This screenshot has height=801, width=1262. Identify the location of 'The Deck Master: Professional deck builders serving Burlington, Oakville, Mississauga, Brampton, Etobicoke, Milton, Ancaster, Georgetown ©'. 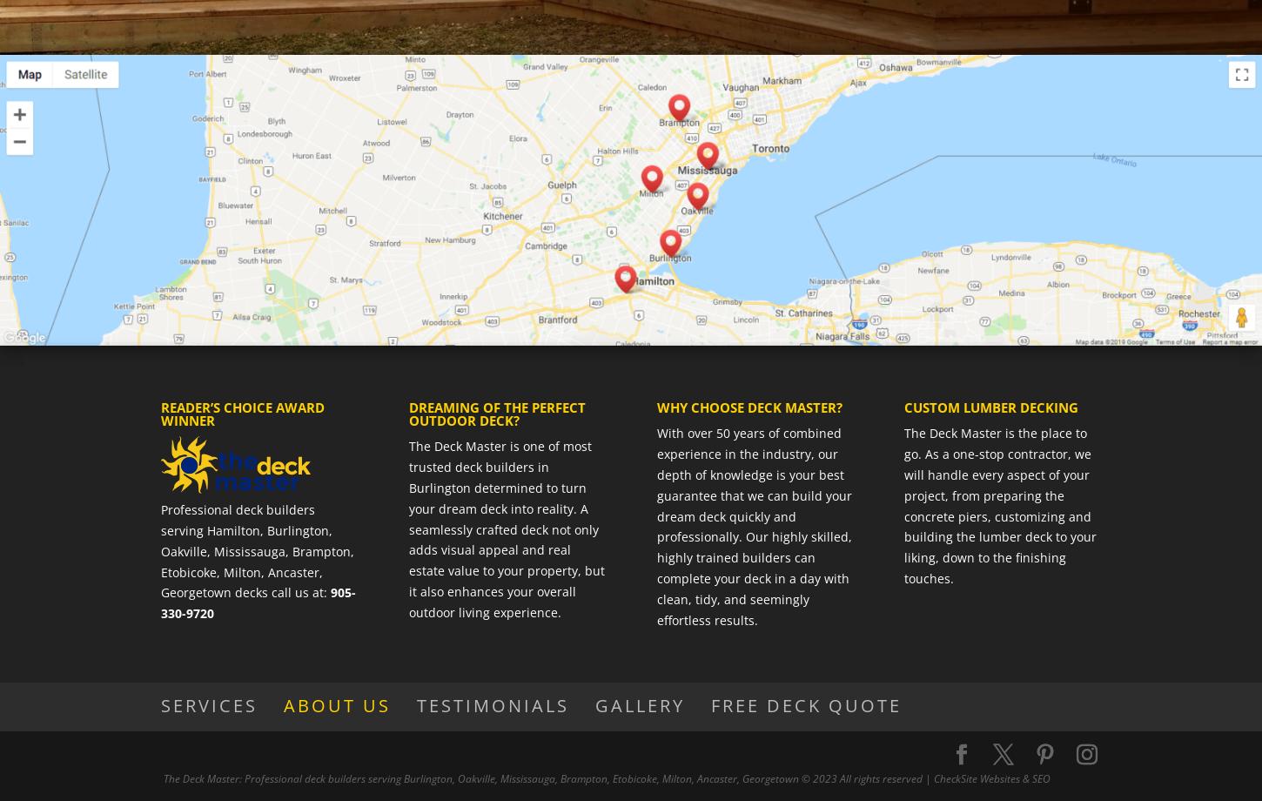
(487, 777).